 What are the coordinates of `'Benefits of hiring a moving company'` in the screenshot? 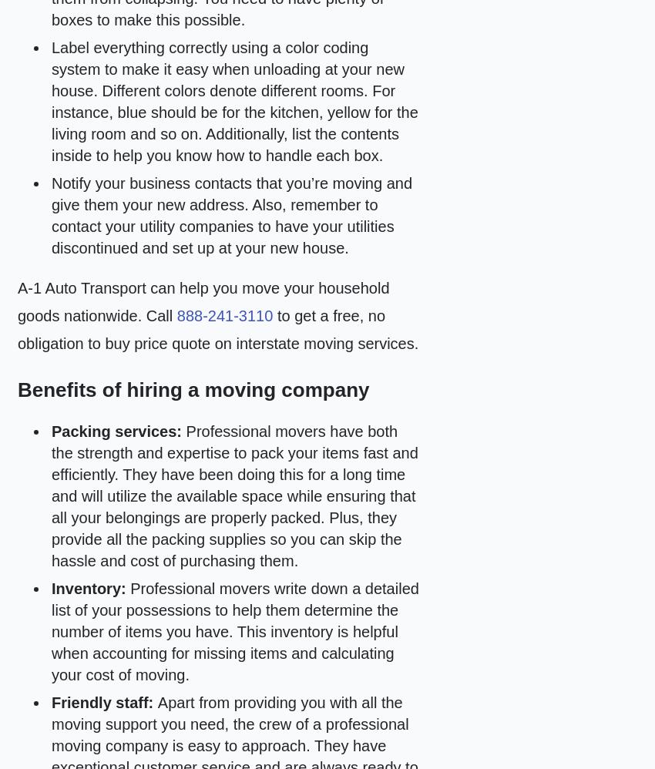 It's located at (193, 389).